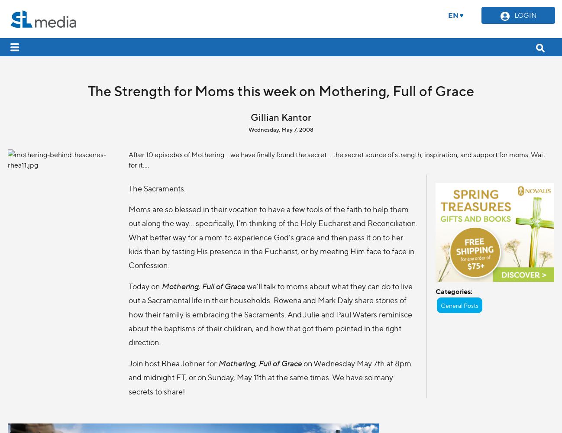 The height and width of the screenshot is (433, 562). What do you see at coordinates (281, 129) in the screenshot?
I see `'Wednesday, May 7, 2008'` at bounding box center [281, 129].